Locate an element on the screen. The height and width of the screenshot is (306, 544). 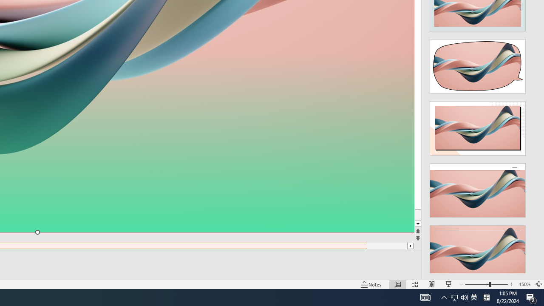
'Zoom 150%' is located at coordinates (524, 284).